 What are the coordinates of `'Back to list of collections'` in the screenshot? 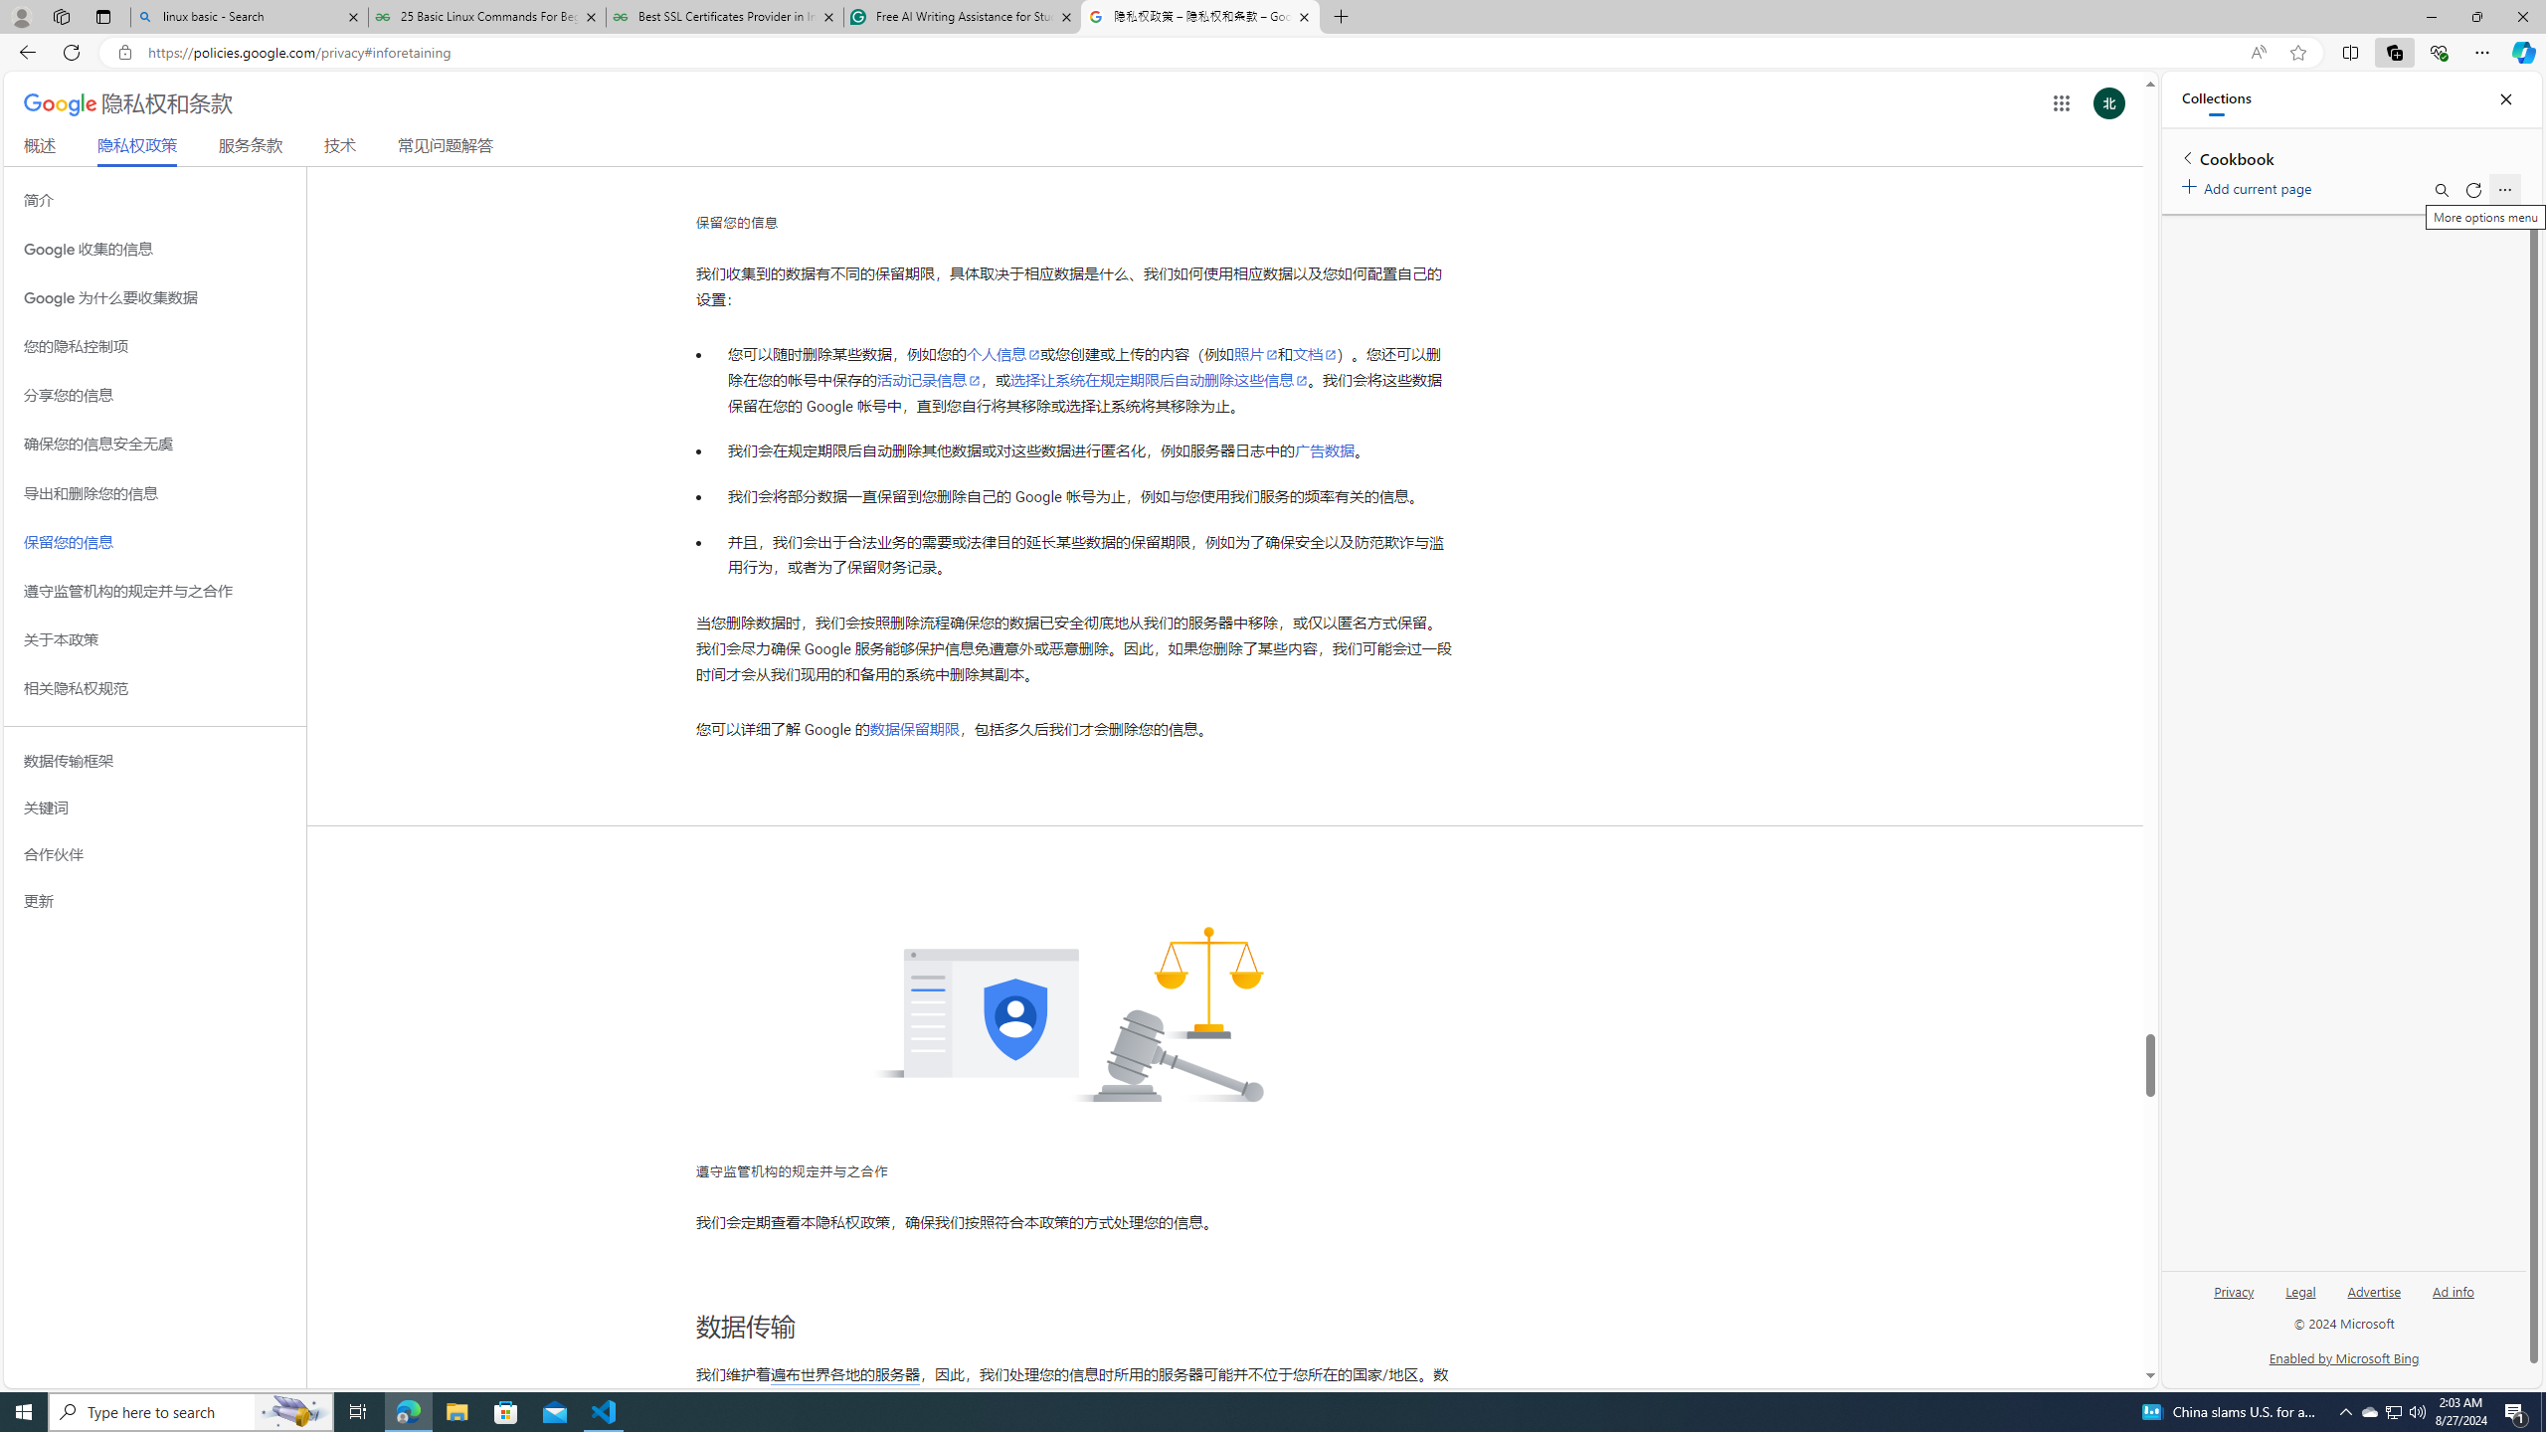 It's located at (2186, 157).